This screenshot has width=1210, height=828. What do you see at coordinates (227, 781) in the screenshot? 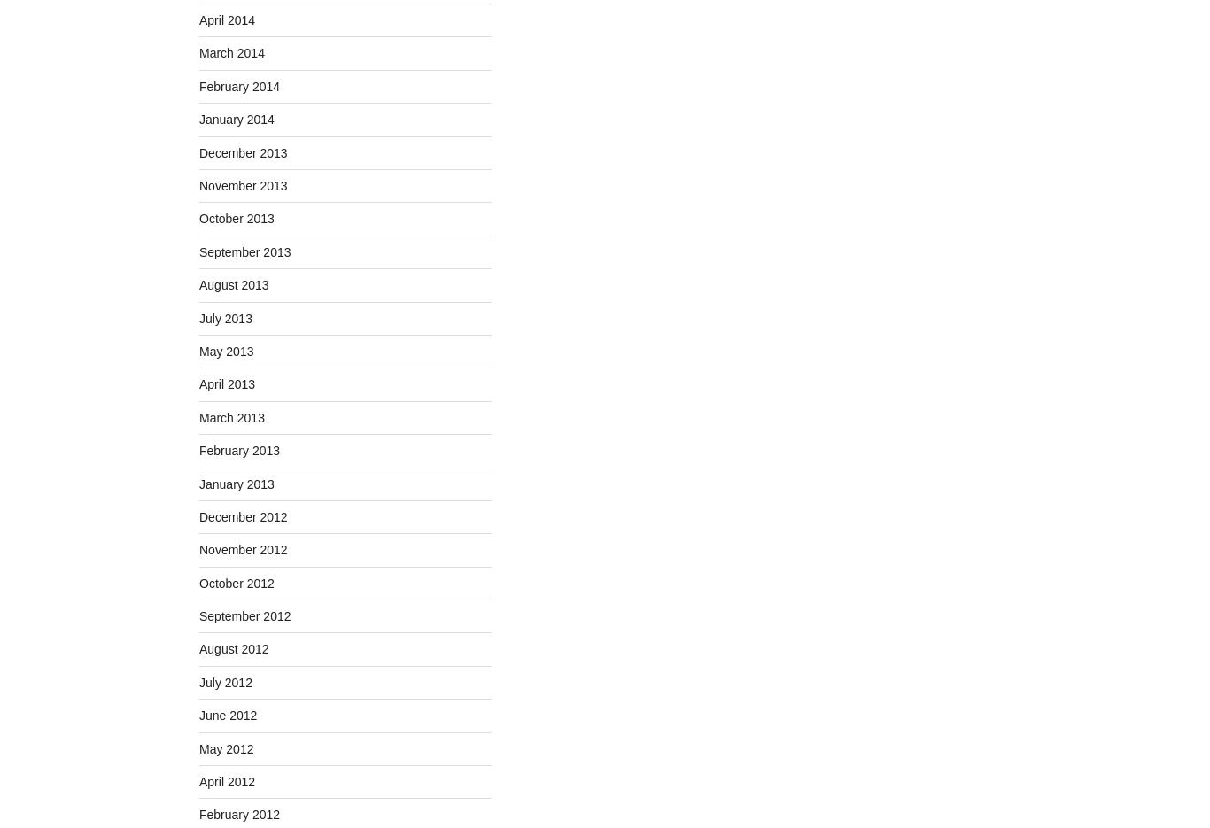
I see `'April 2012'` at bounding box center [227, 781].